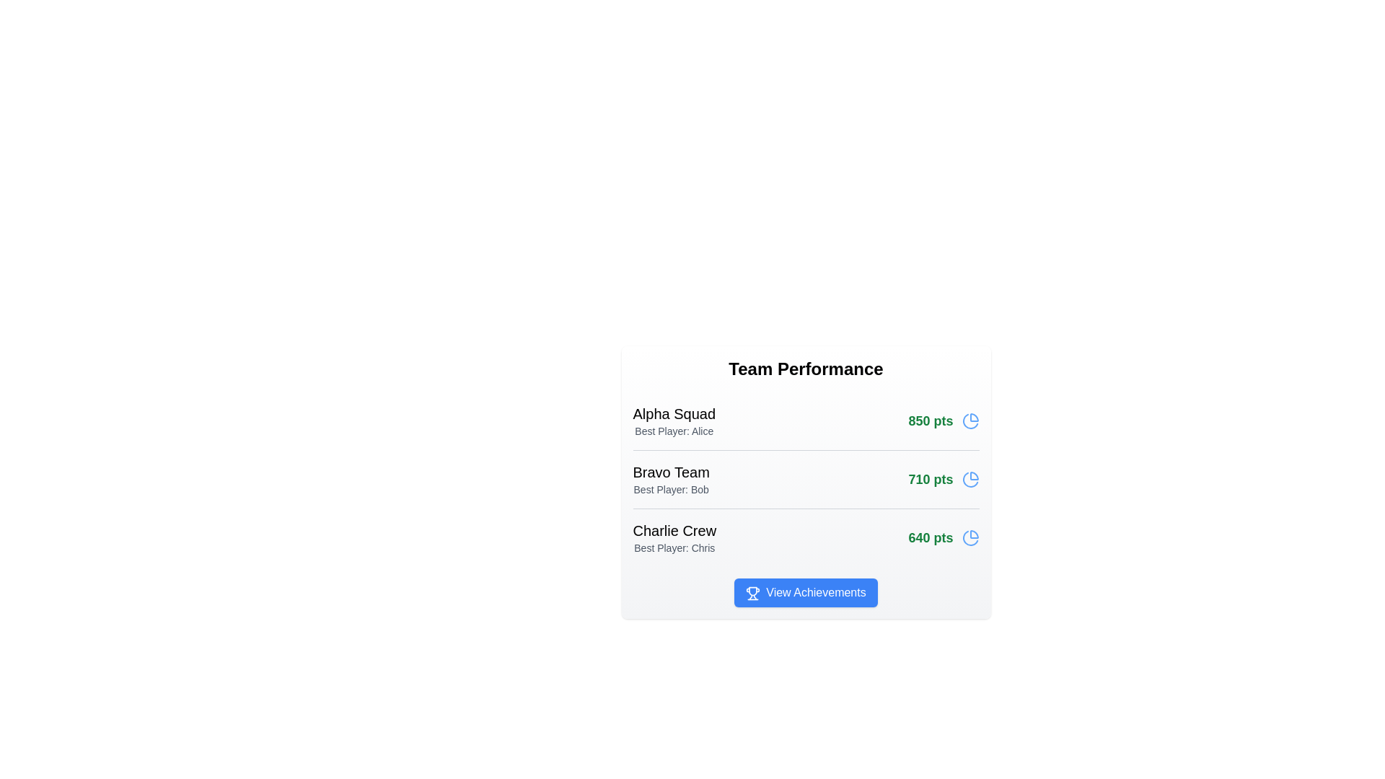 The height and width of the screenshot is (779, 1385). Describe the element at coordinates (944, 479) in the screenshot. I see `the team score to view details for Bravo Team` at that location.